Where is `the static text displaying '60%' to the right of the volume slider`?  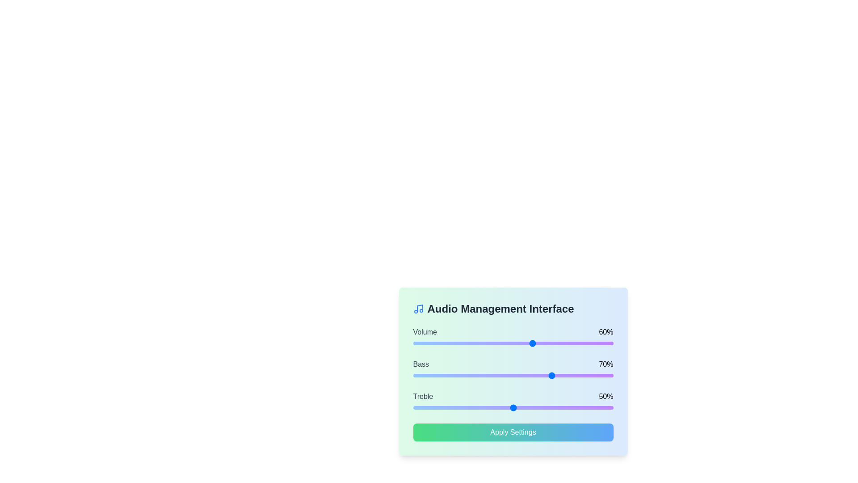
the static text displaying '60%' to the right of the volume slider is located at coordinates (606, 332).